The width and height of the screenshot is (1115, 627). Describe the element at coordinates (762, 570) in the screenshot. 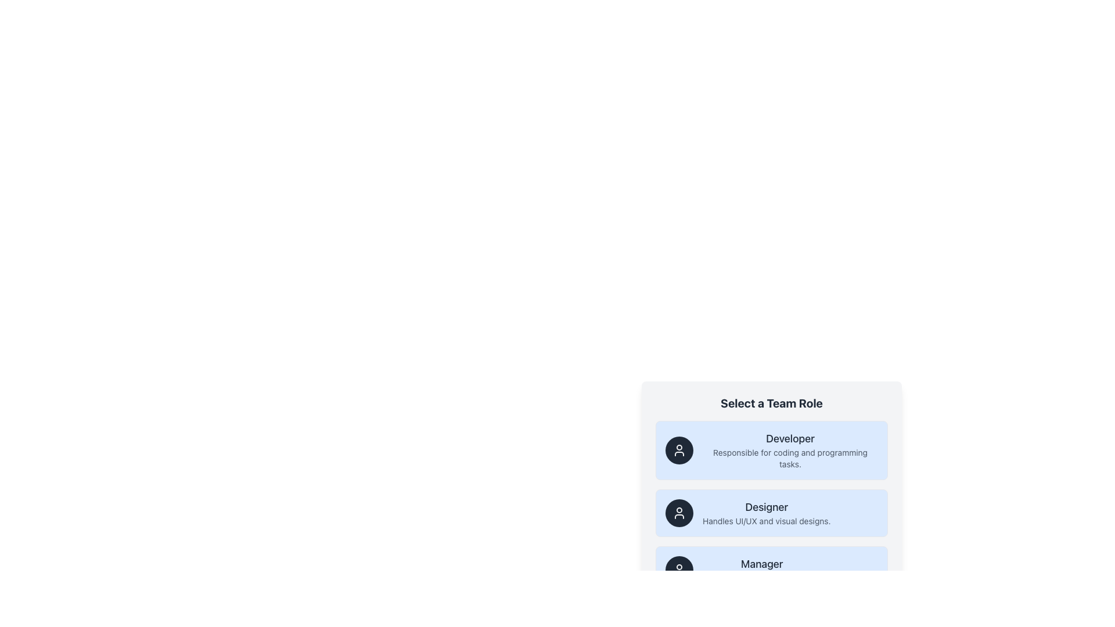

I see `the List Item displaying 'Manager' with the description 'Supervises project progression.'` at that location.